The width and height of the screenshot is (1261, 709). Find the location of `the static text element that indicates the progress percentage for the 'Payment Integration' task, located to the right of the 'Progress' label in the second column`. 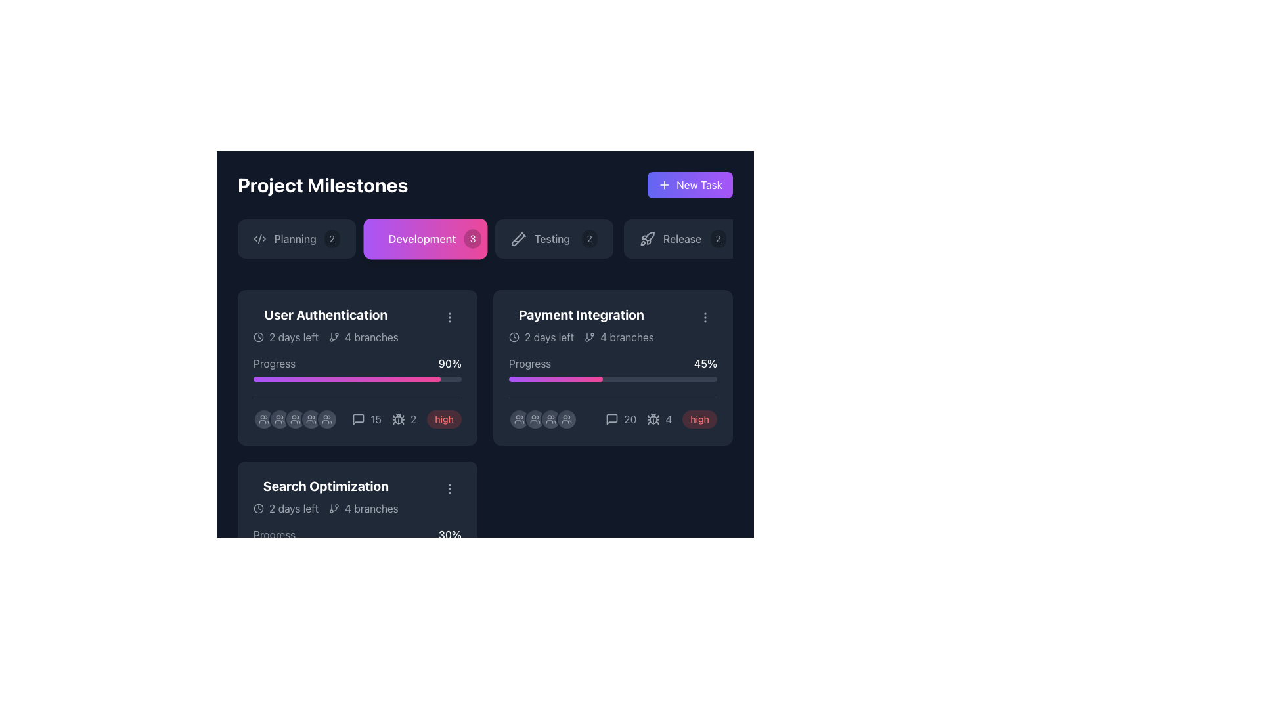

the static text element that indicates the progress percentage for the 'Payment Integration' task, located to the right of the 'Progress' label in the second column is located at coordinates (705, 364).